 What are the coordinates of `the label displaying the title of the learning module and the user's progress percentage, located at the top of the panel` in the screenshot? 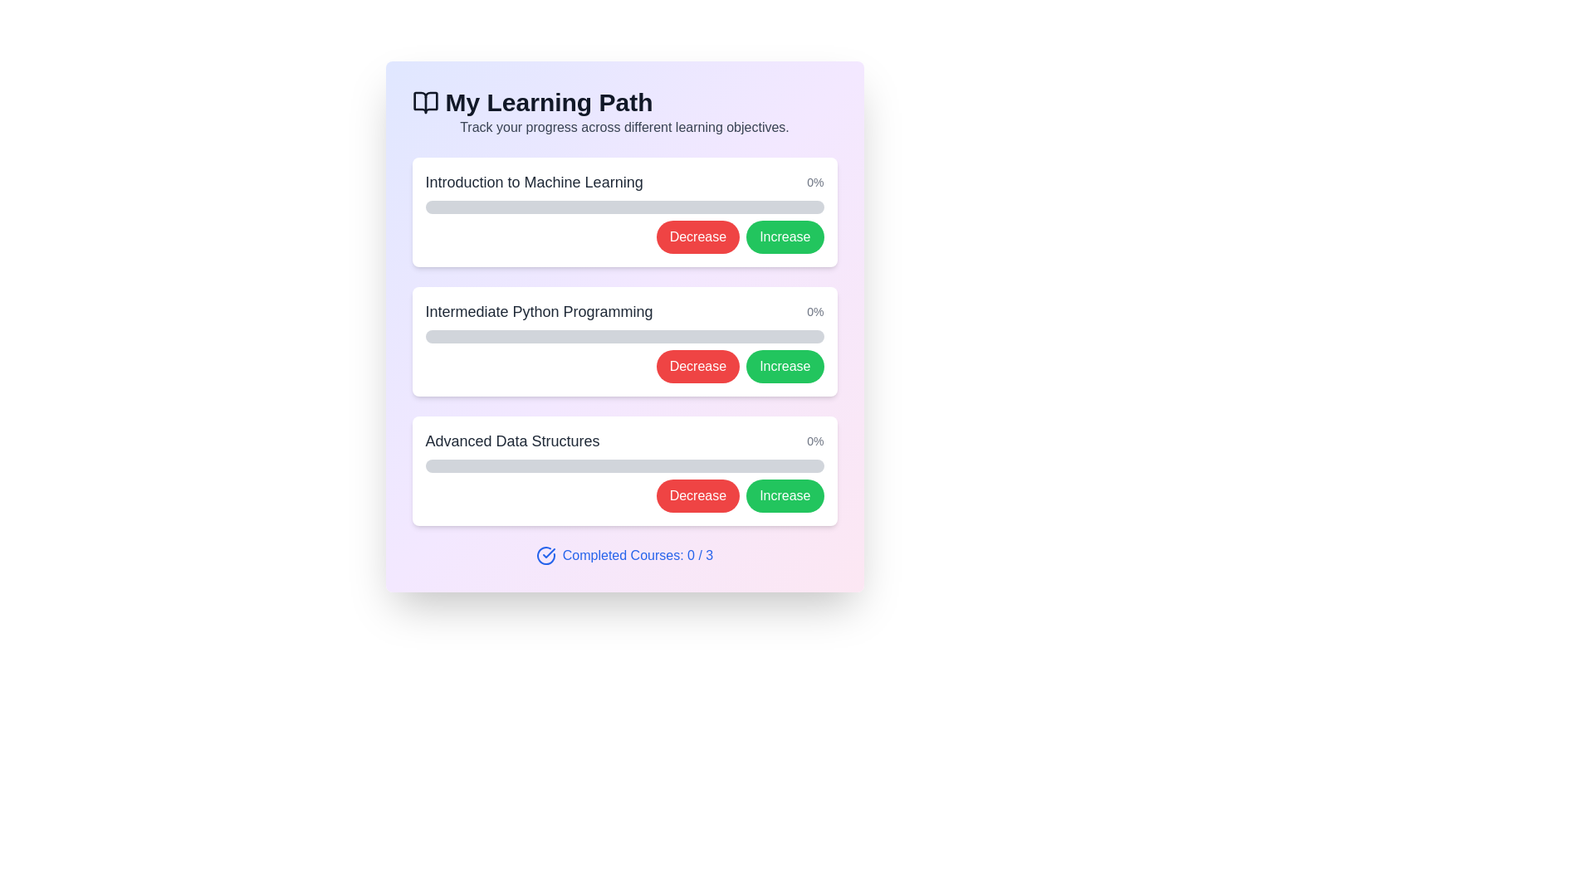 It's located at (623, 182).